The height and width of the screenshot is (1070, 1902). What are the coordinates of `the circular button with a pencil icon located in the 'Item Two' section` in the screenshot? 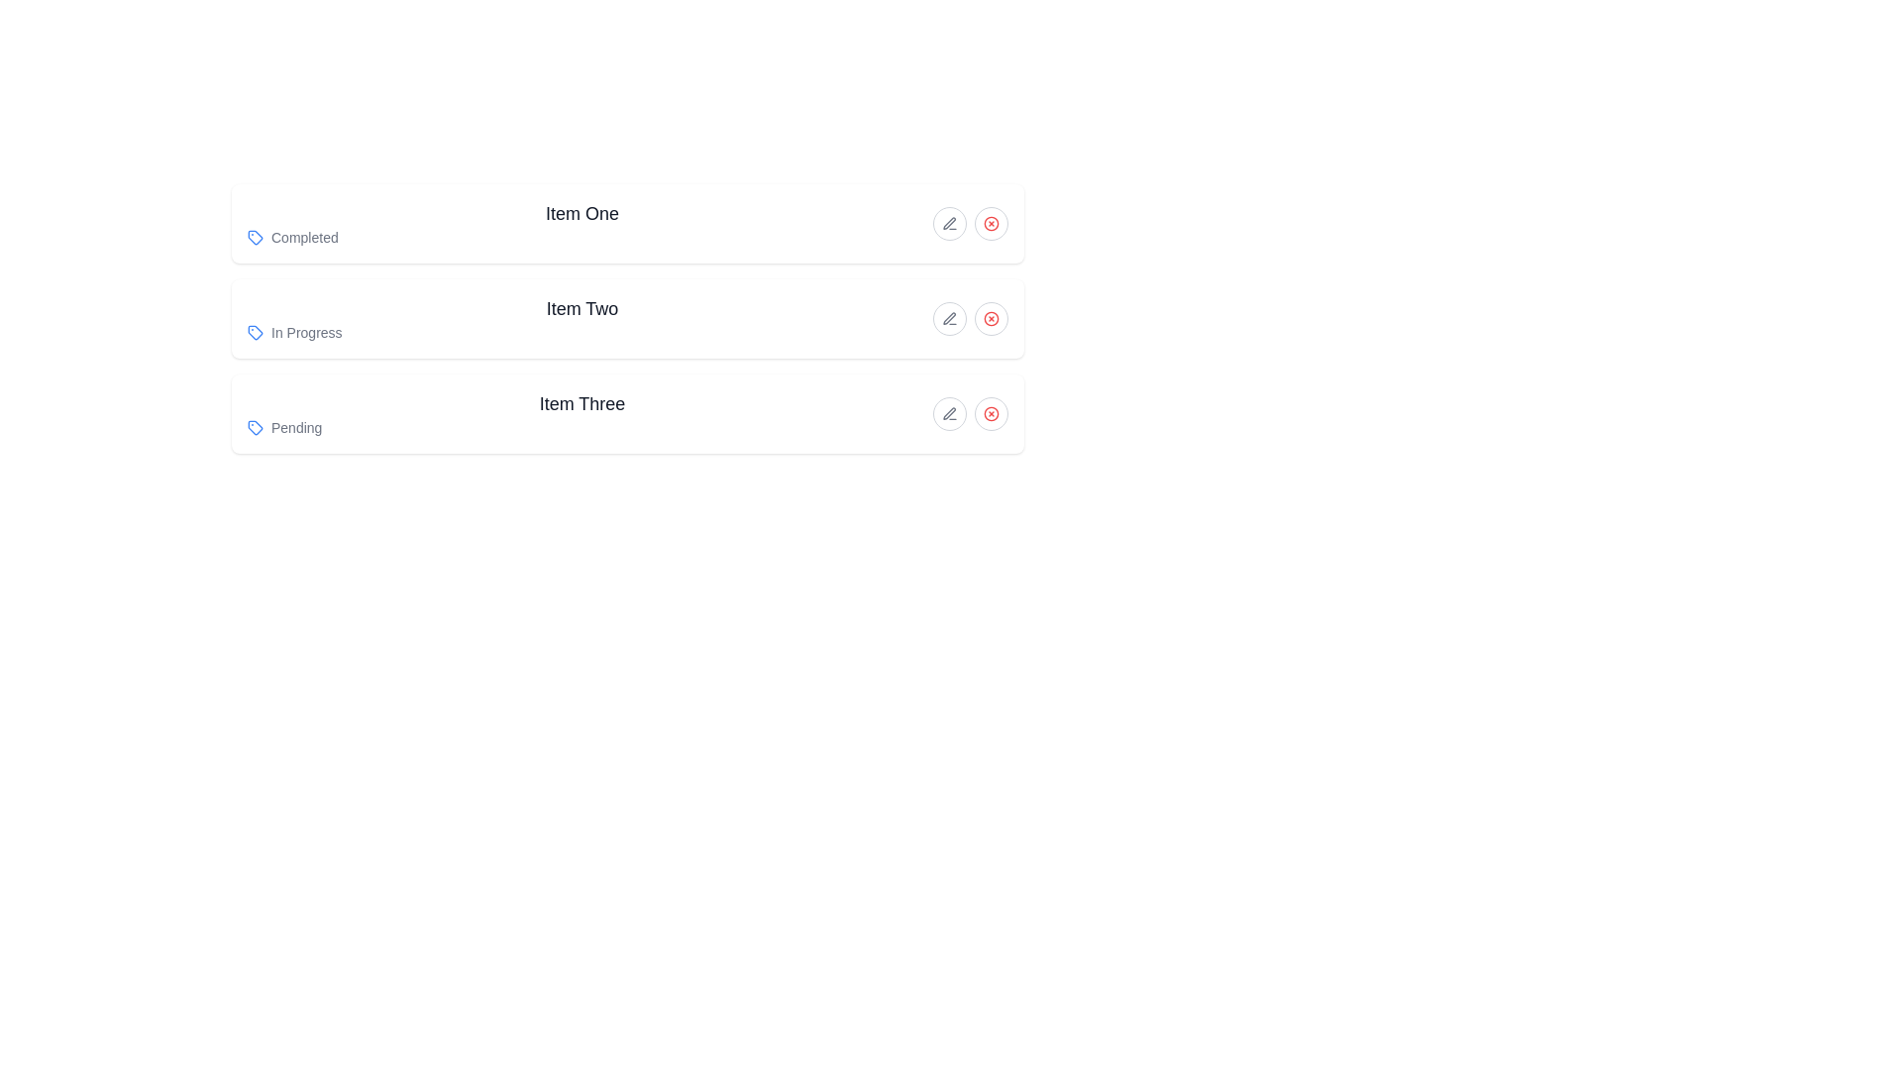 It's located at (970, 317).